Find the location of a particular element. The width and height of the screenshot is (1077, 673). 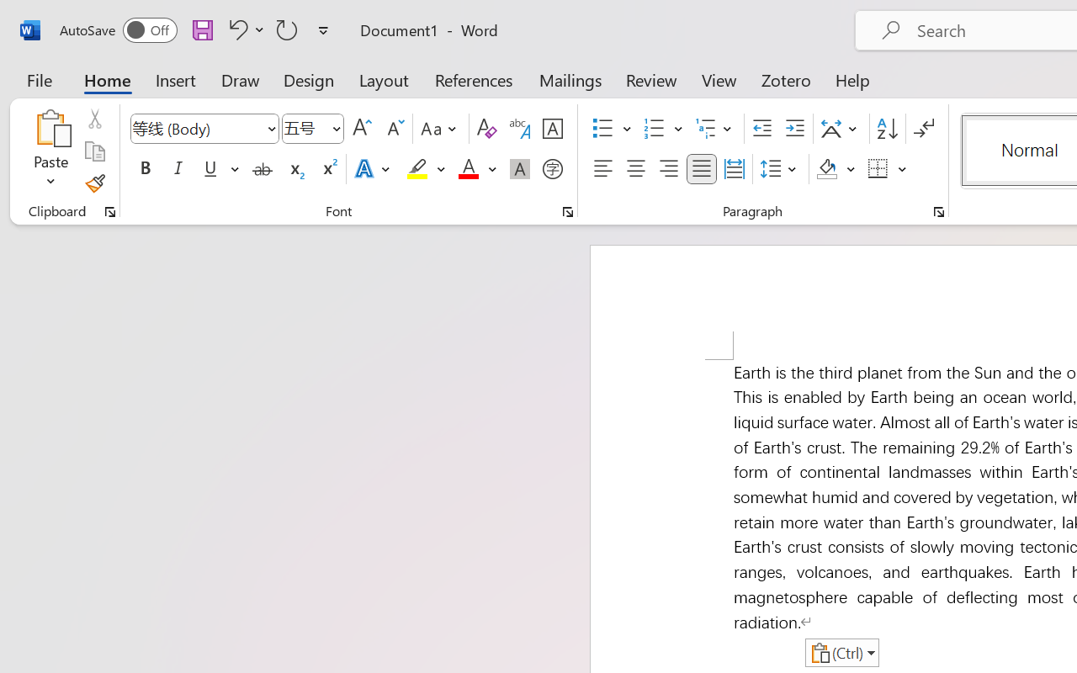

'Align Left' is located at coordinates (602, 169).